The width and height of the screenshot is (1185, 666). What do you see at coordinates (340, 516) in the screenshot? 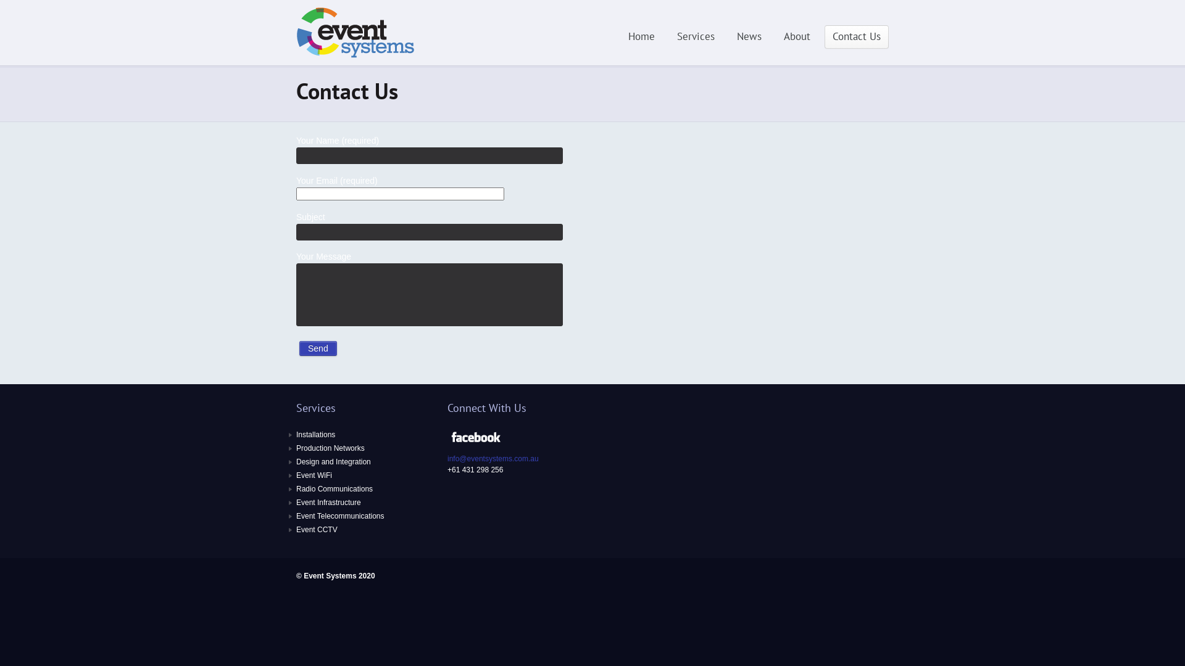
I see `'Event Telecommunications'` at bounding box center [340, 516].